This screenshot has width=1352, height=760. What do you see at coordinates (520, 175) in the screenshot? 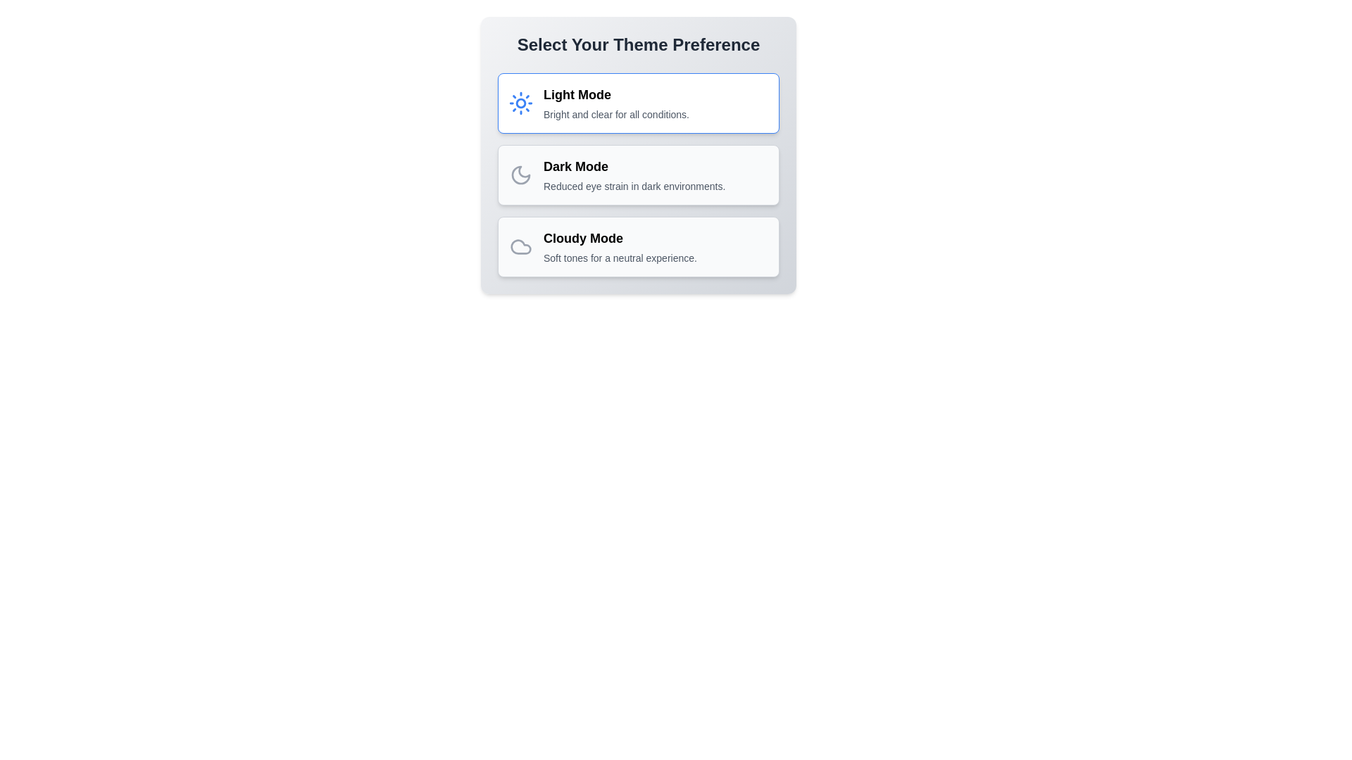
I see `the 'Dark Mode' icon which visually represents the theme option for night or darkness, located to the left of the 'Dark Mode' text` at bounding box center [520, 175].